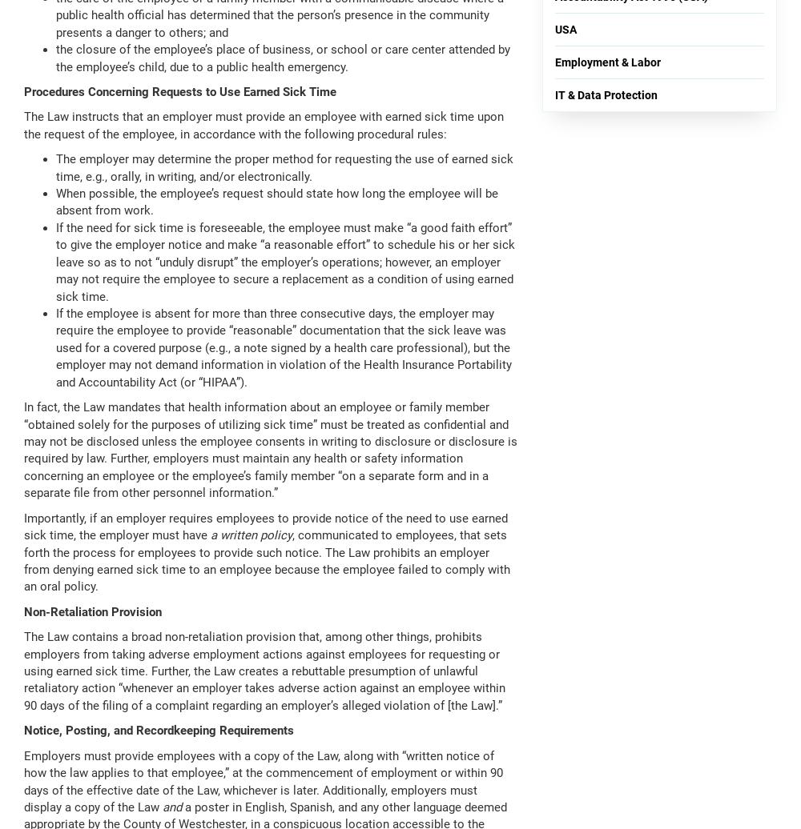 This screenshot has height=829, width=801. What do you see at coordinates (92, 611) in the screenshot?
I see `'Non-Retaliation Provision'` at bounding box center [92, 611].